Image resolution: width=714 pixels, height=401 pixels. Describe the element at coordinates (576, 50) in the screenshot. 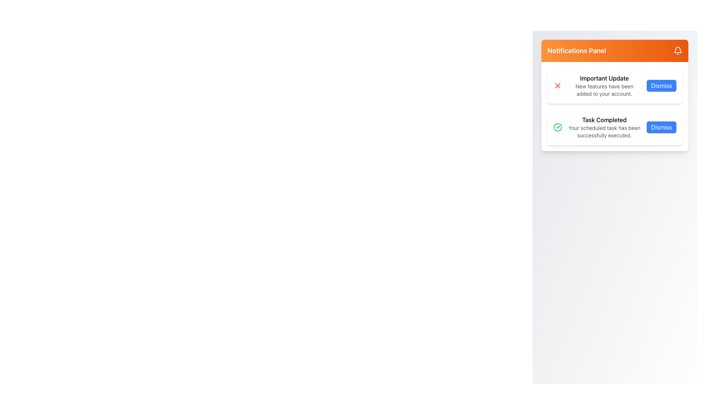

I see `the 'Notifications Panel' text label displayed in bold white font on a gradient orange background` at that location.